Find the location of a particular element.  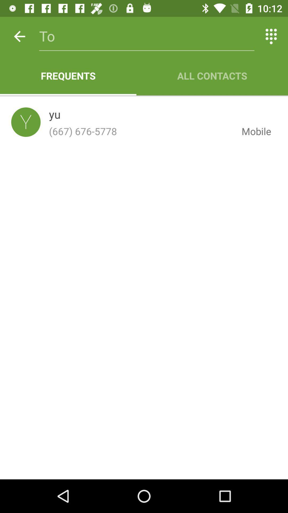

the icon to the left of the all contacts icon is located at coordinates (68, 75).